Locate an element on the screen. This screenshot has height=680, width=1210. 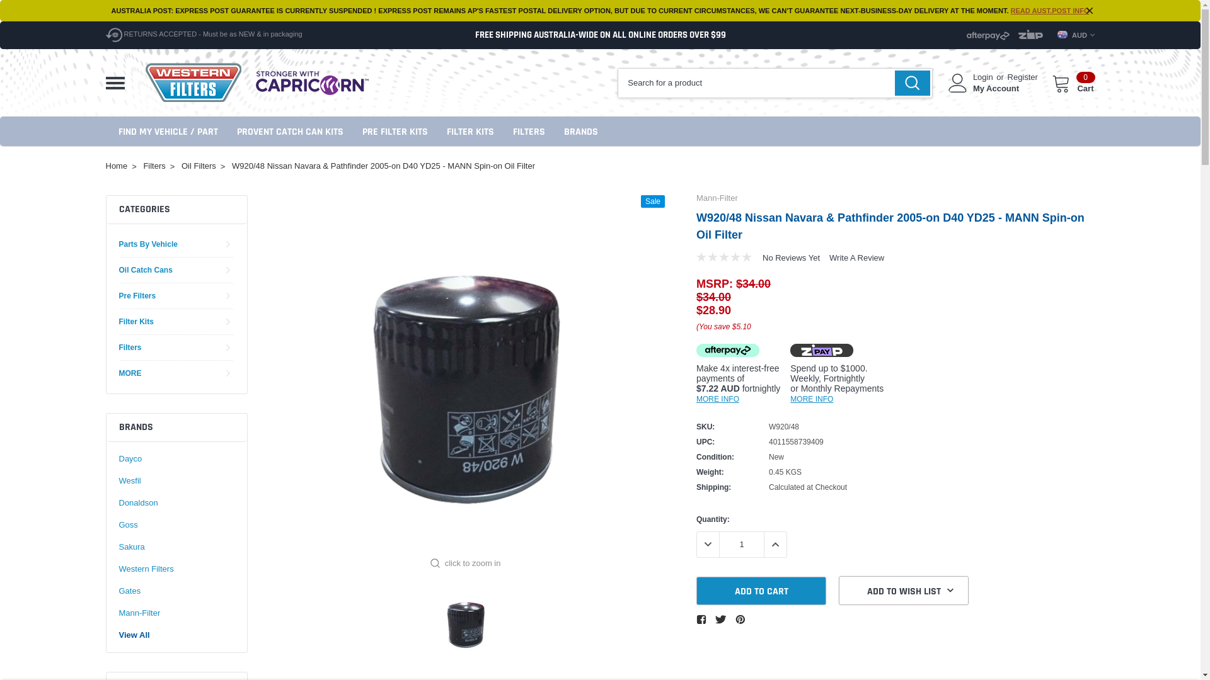
'Toggle menu' is located at coordinates (115, 82).